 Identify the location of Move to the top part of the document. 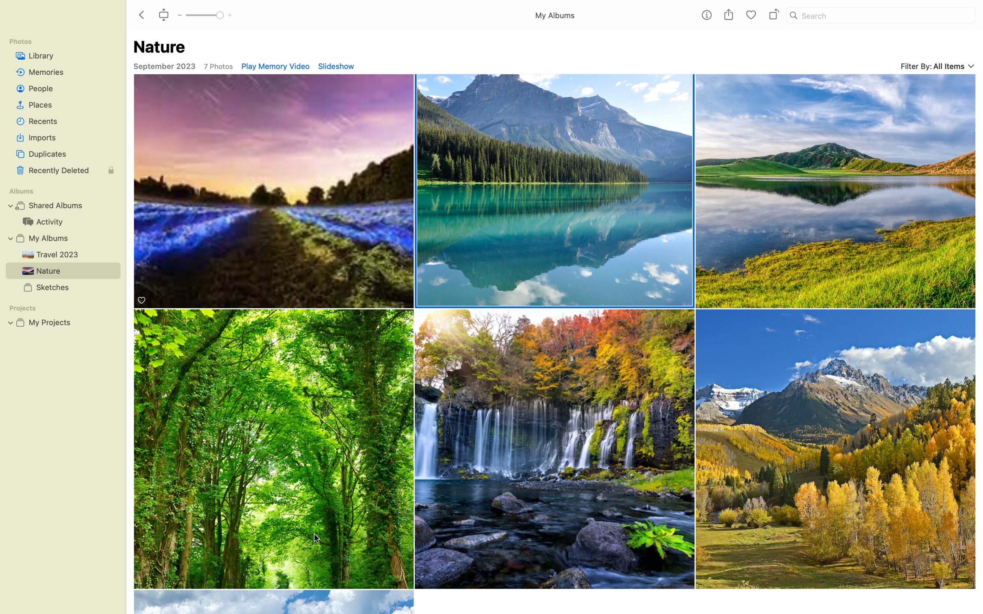
(1866717, 723292).